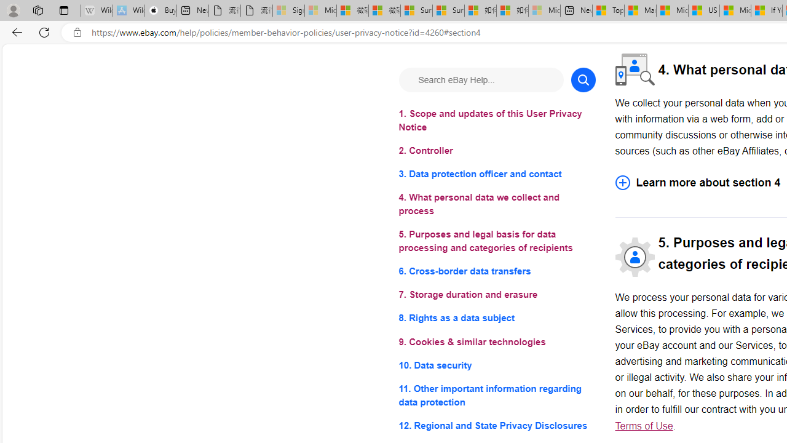 This screenshot has width=787, height=443. Describe the element at coordinates (497, 341) in the screenshot. I see `'9. Cookies & similar technologies'` at that location.